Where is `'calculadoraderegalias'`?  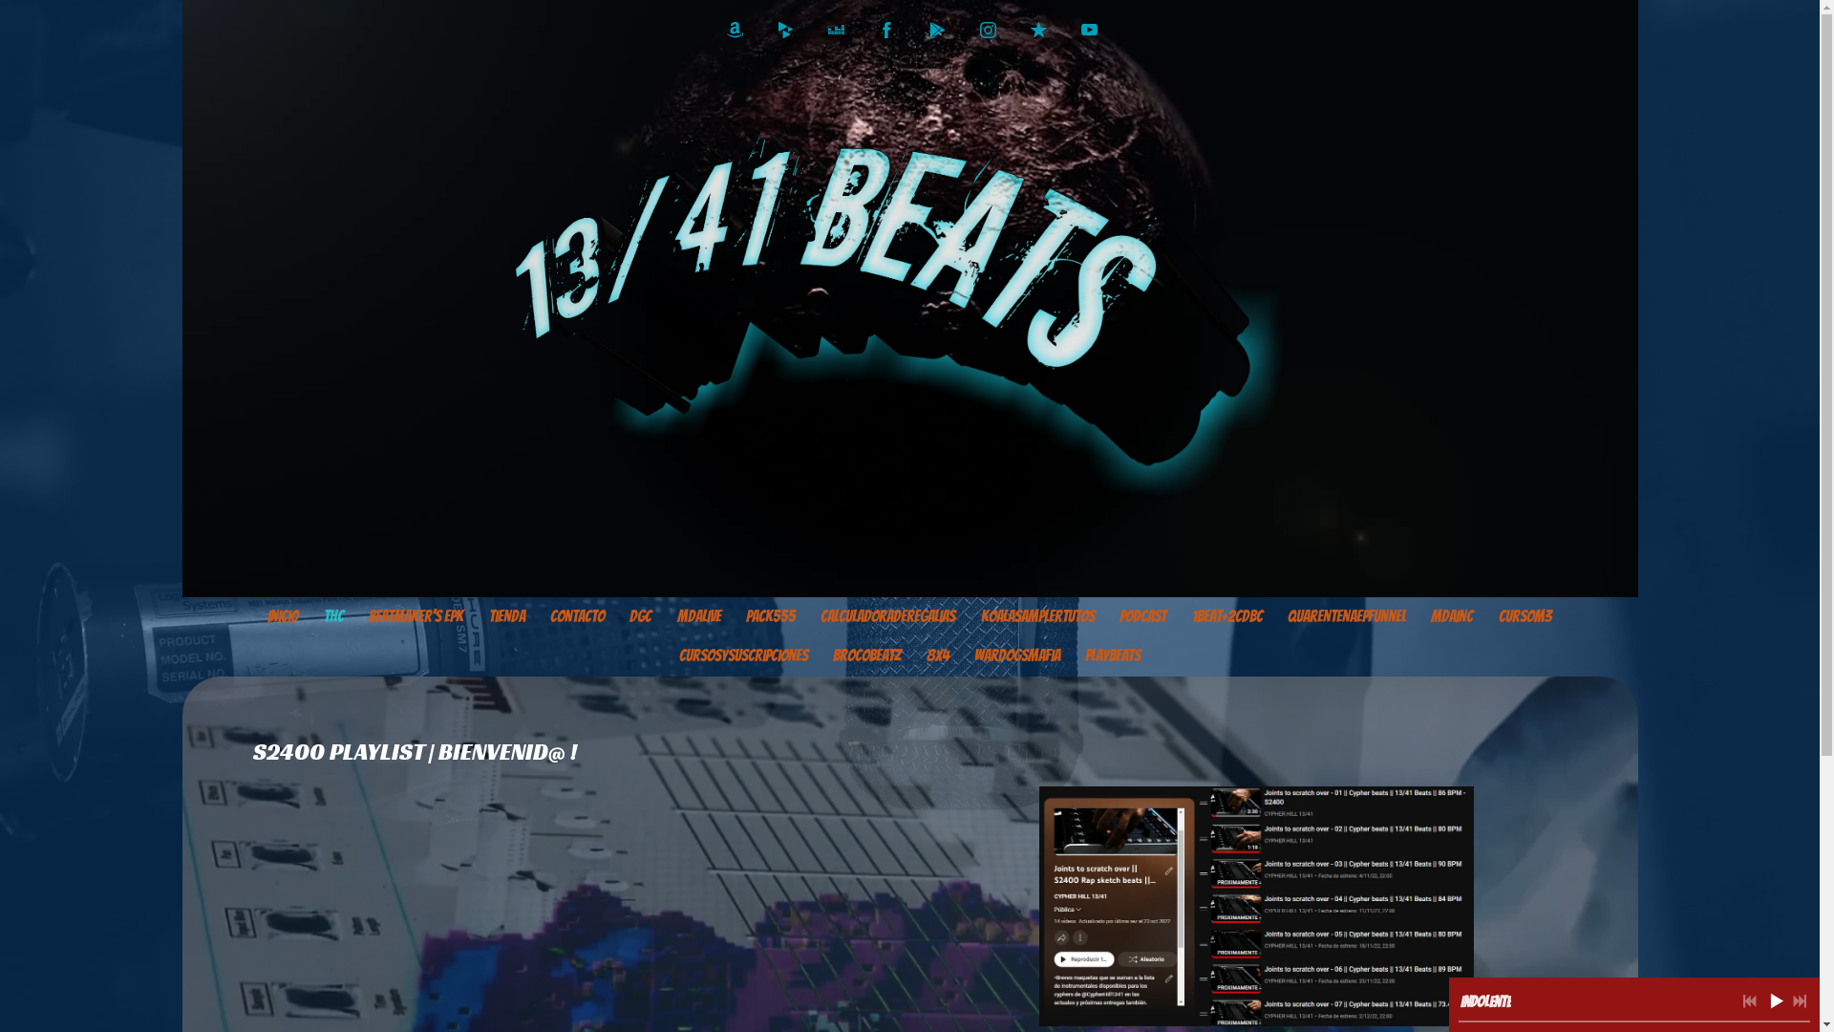
'calculadoraderegalias' is located at coordinates (886, 616).